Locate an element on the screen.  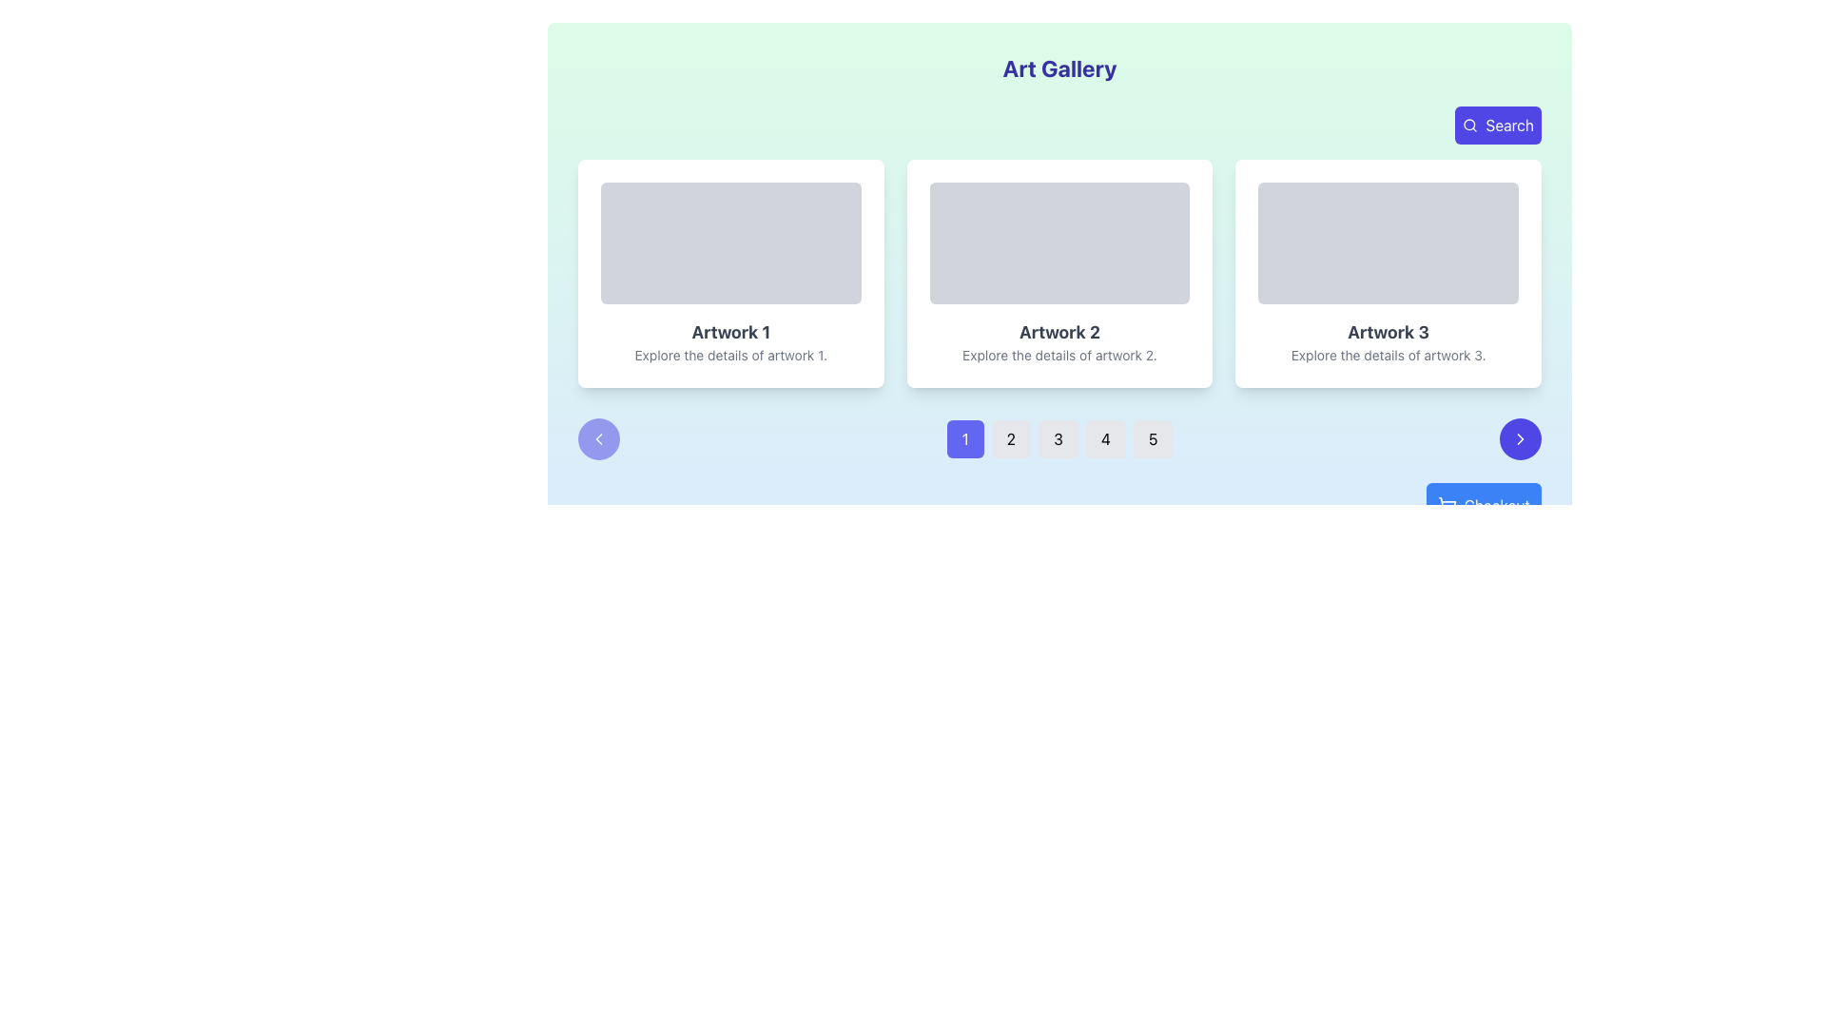
the pagination button labeled '5' is located at coordinates (1152, 439).